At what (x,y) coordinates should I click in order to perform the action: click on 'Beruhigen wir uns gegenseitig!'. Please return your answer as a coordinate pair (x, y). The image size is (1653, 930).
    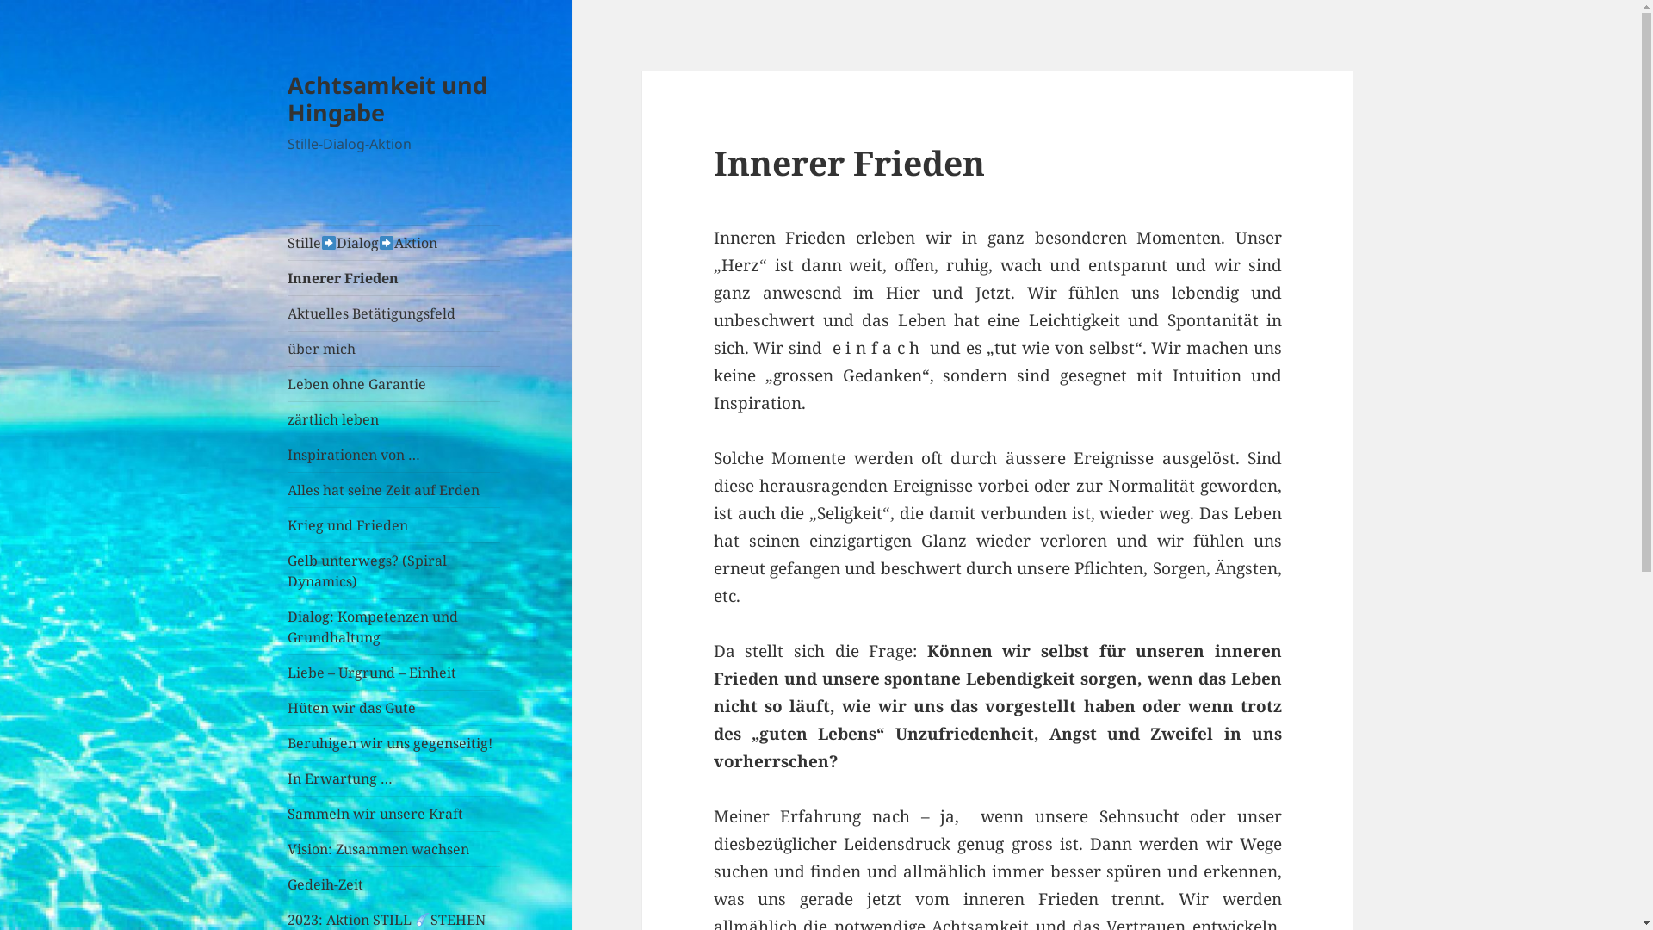
    Looking at the image, I should click on (393, 742).